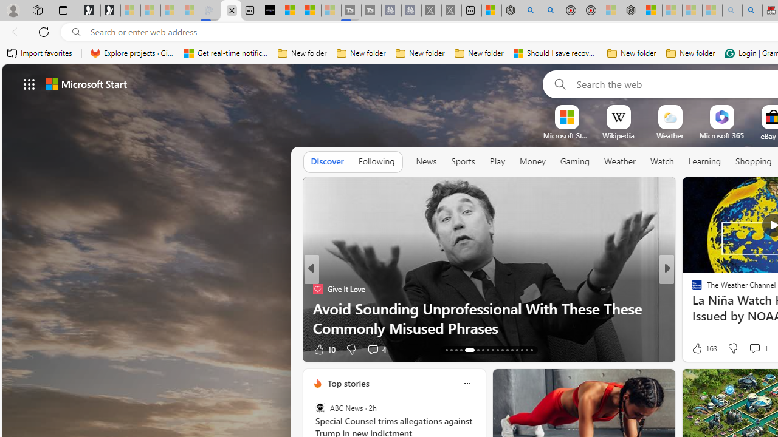 The image size is (778, 437). What do you see at coordinates (320, 408) in the screenshot?
I see `'ABC News'` at bounding box center [320, 408].